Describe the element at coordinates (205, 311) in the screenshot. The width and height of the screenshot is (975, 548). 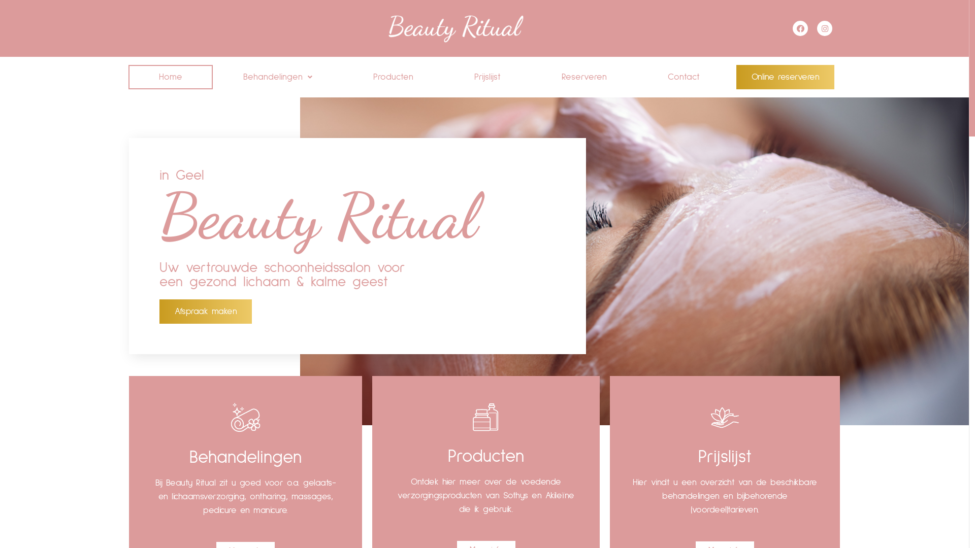
I see `'Afspraak maken'` at that location.